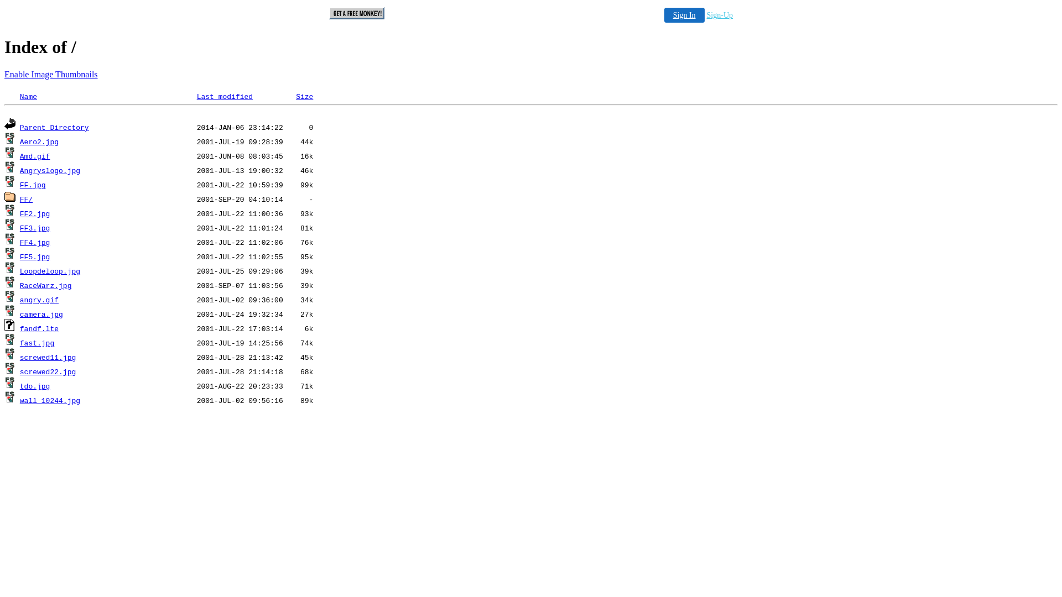  Describe the element at coordinates (295, 96) in the screenshot. I see `'Size'` at that location.